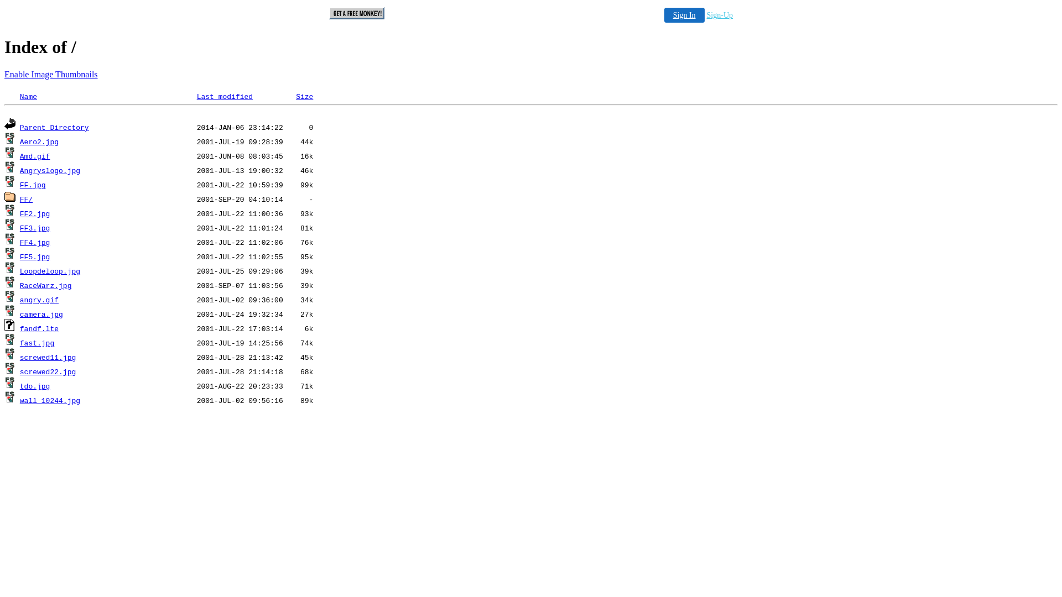  Describe the element at coordinates (295, 96) in the screenshot. I see `'Size'` at that location.